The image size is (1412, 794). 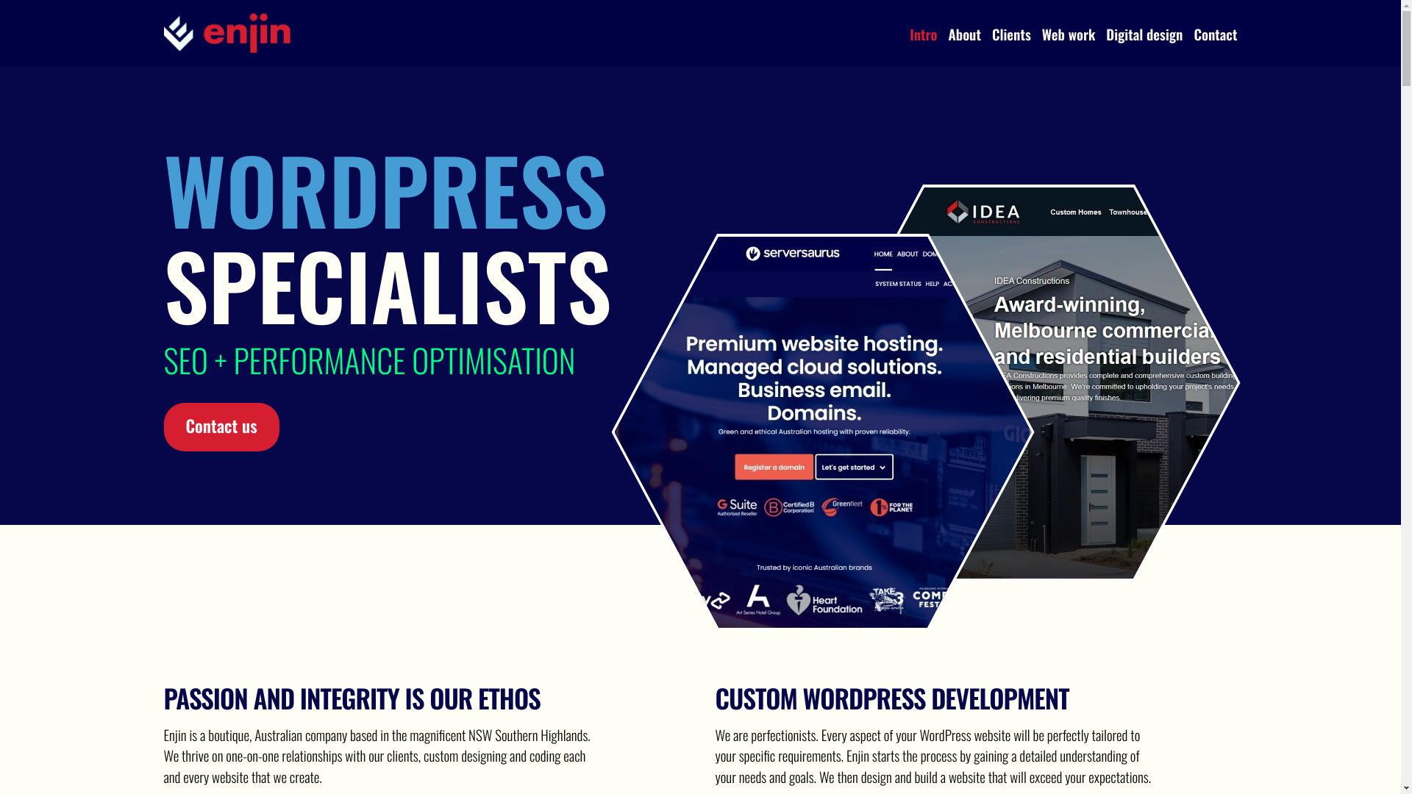 I want to click on 'Intro', so click(x=922, y=34).